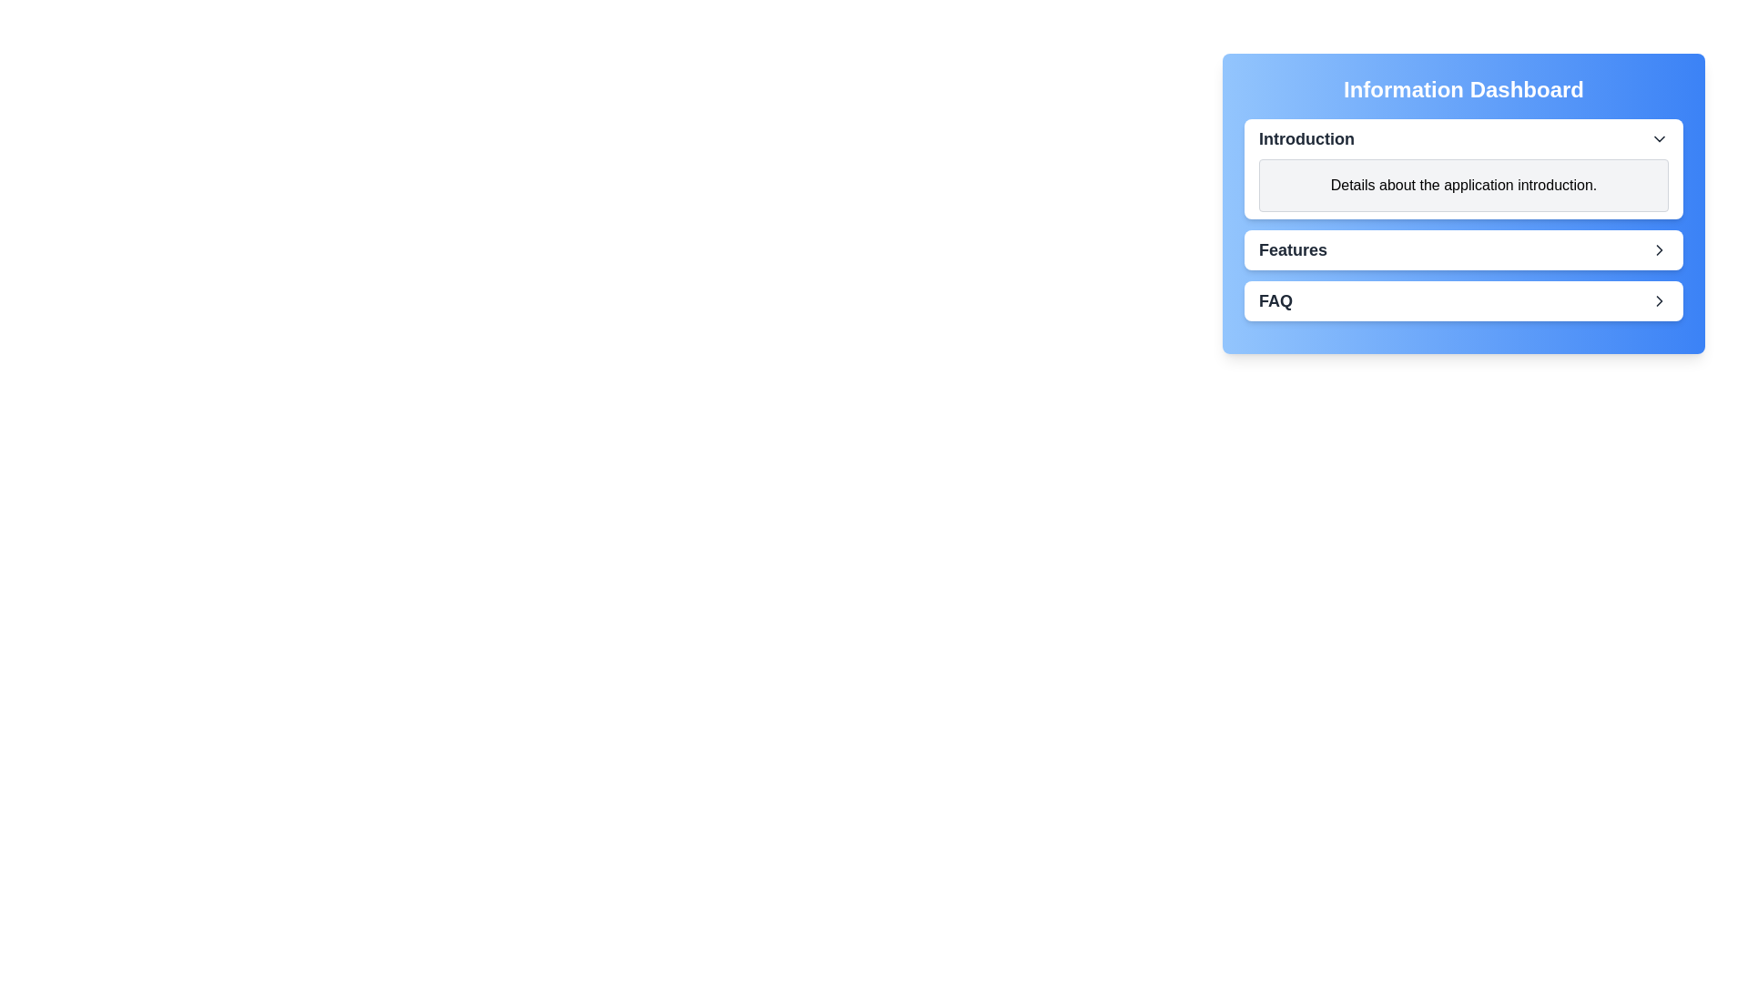  Describe the element at coordinates (1464, 249) in the screenshot. I see `the 'Features' button located in the 'Information Dashboard'` at that location.